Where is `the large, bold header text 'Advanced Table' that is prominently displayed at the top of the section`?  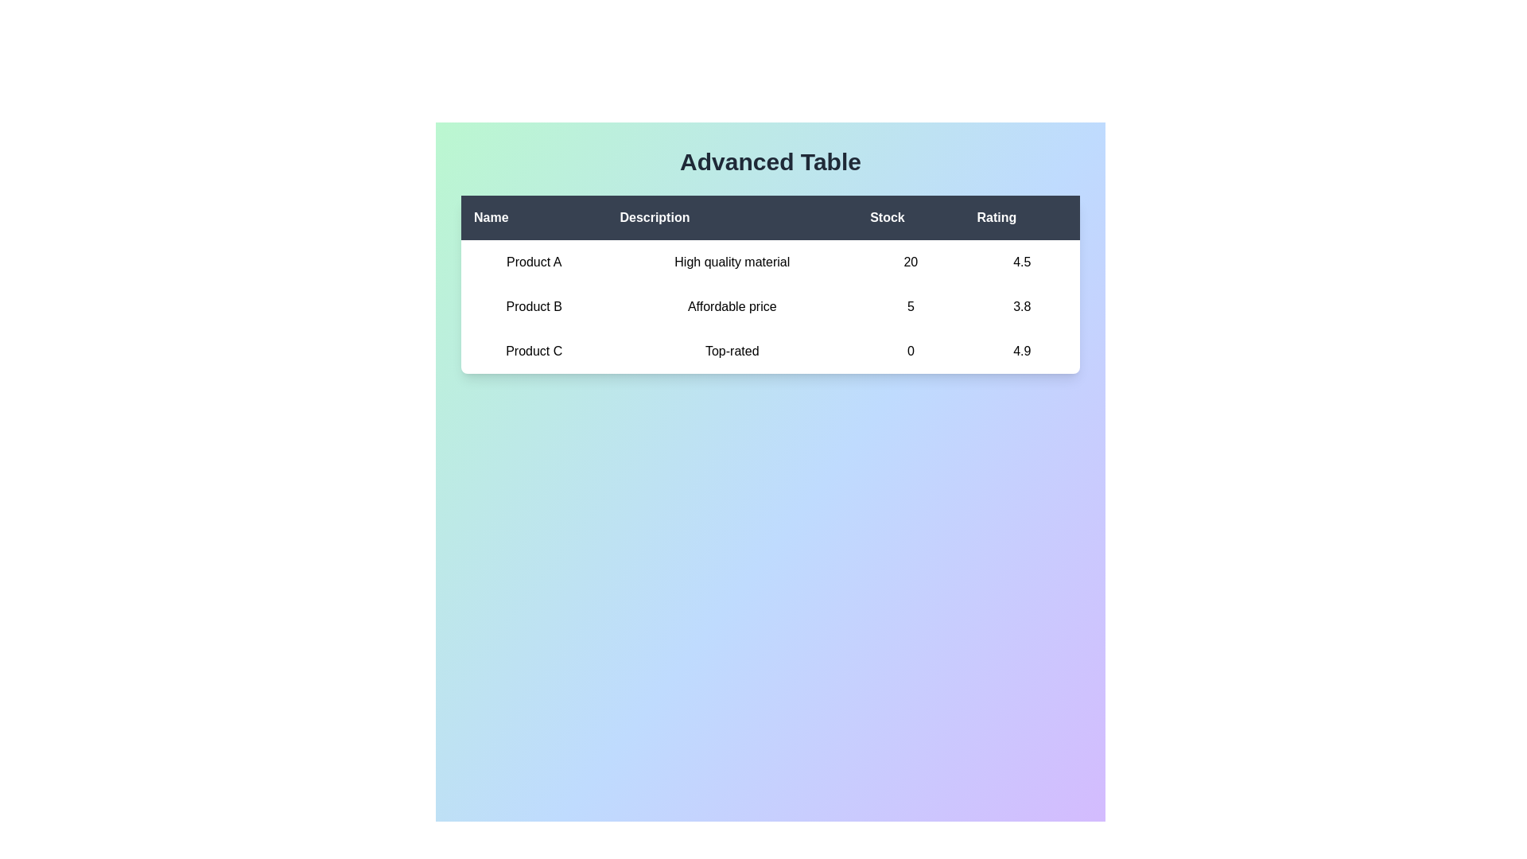
the large, bold header text 'Advanced Table' that is prominently displayed at the top of the section is located at coordinates (771, 162).